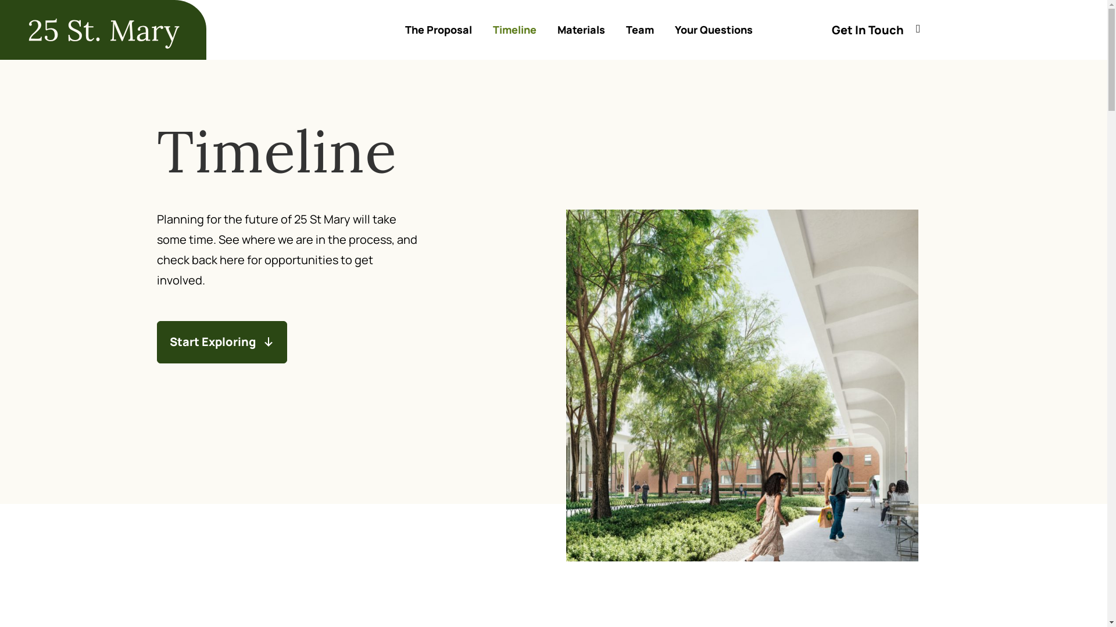  Describe the element at coordinates (831, 29) in the screenshot. I see `'Get In Touch'` at that location.